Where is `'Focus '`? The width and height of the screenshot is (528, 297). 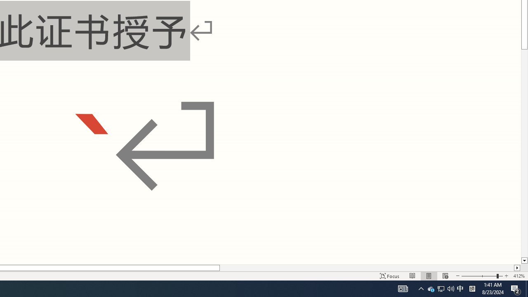
'Focus ' is located at coordinates (389, 276).